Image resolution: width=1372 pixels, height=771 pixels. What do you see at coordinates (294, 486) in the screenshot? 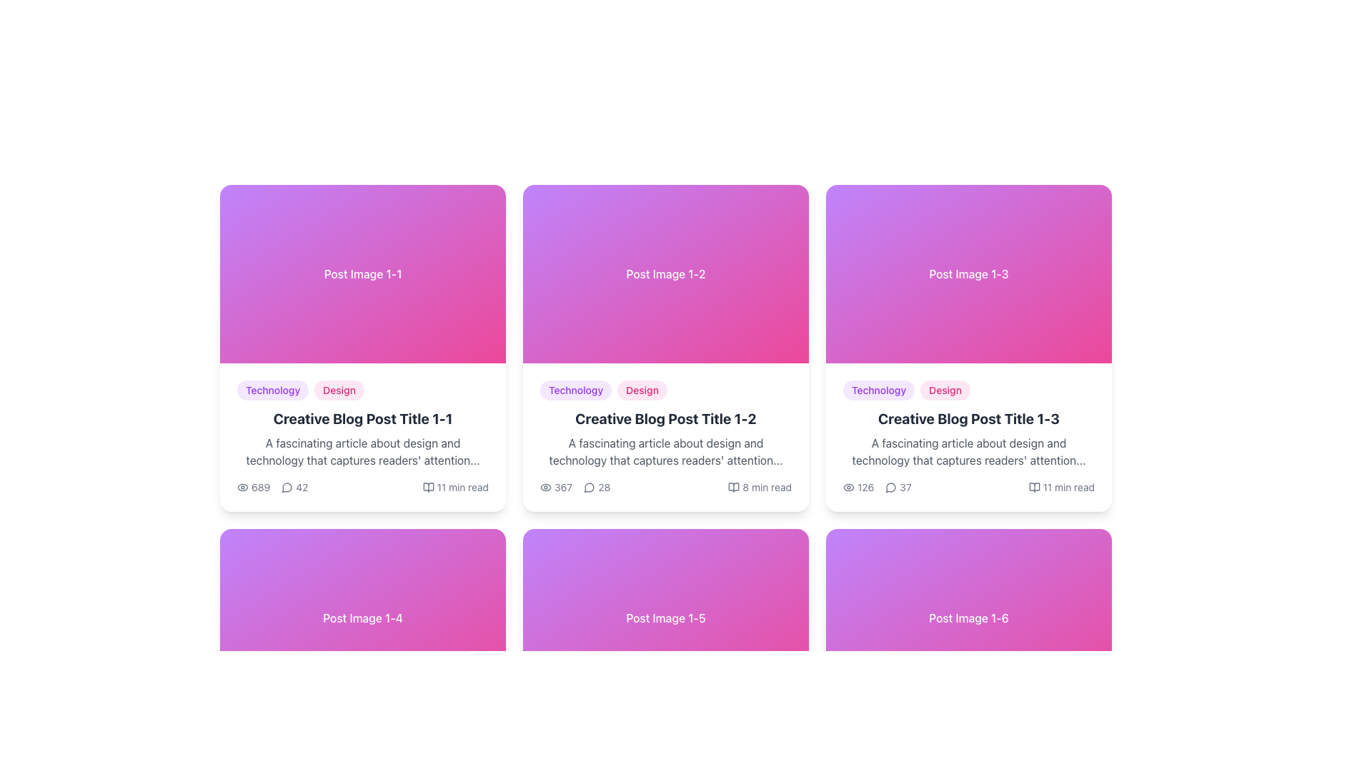
I see `the text label displaying the number '42' adjacent to a speech bubble icon` at bounding box center [294, 486].